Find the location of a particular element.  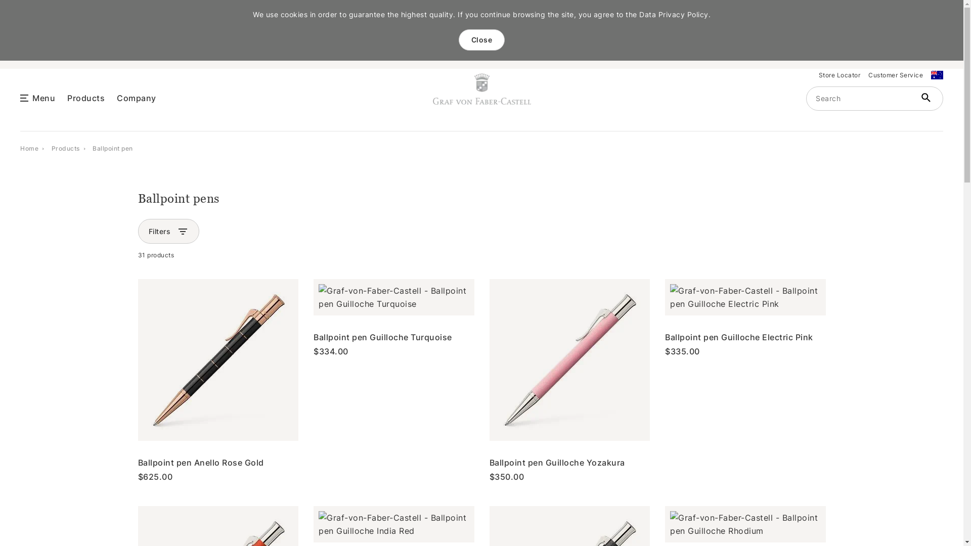

'Store Locator' is located at coordinates (839, 75).